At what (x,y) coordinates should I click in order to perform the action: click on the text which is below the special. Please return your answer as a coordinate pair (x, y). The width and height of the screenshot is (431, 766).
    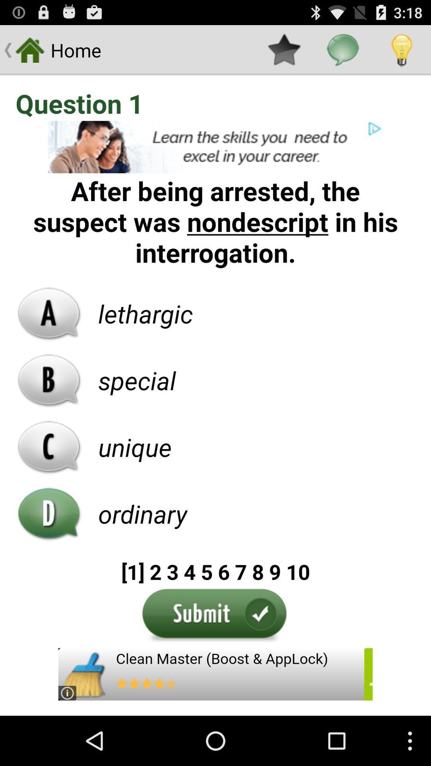
    Looking at the image, I should click on (134, 447).